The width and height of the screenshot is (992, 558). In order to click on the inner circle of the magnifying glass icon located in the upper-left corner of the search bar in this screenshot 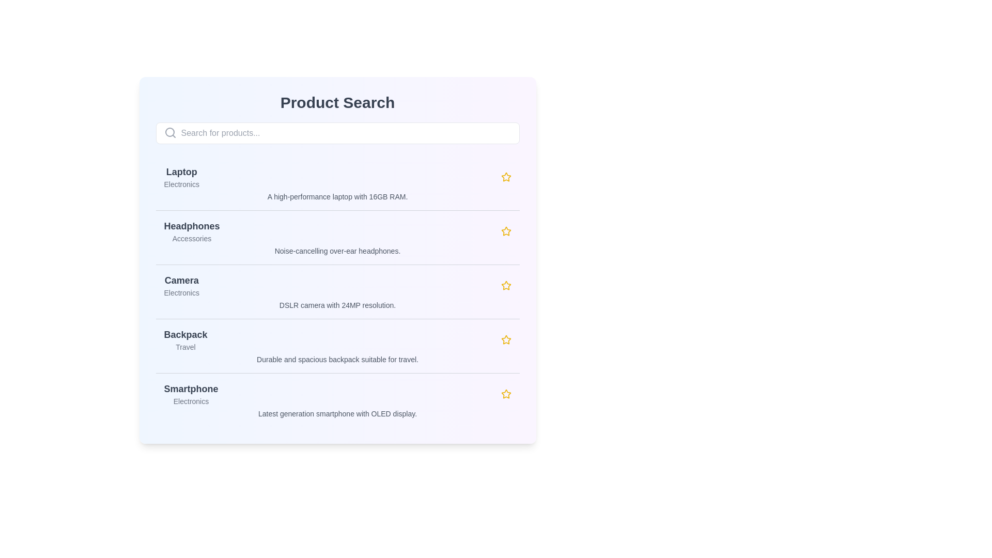, I will do `click(169, 131)`.